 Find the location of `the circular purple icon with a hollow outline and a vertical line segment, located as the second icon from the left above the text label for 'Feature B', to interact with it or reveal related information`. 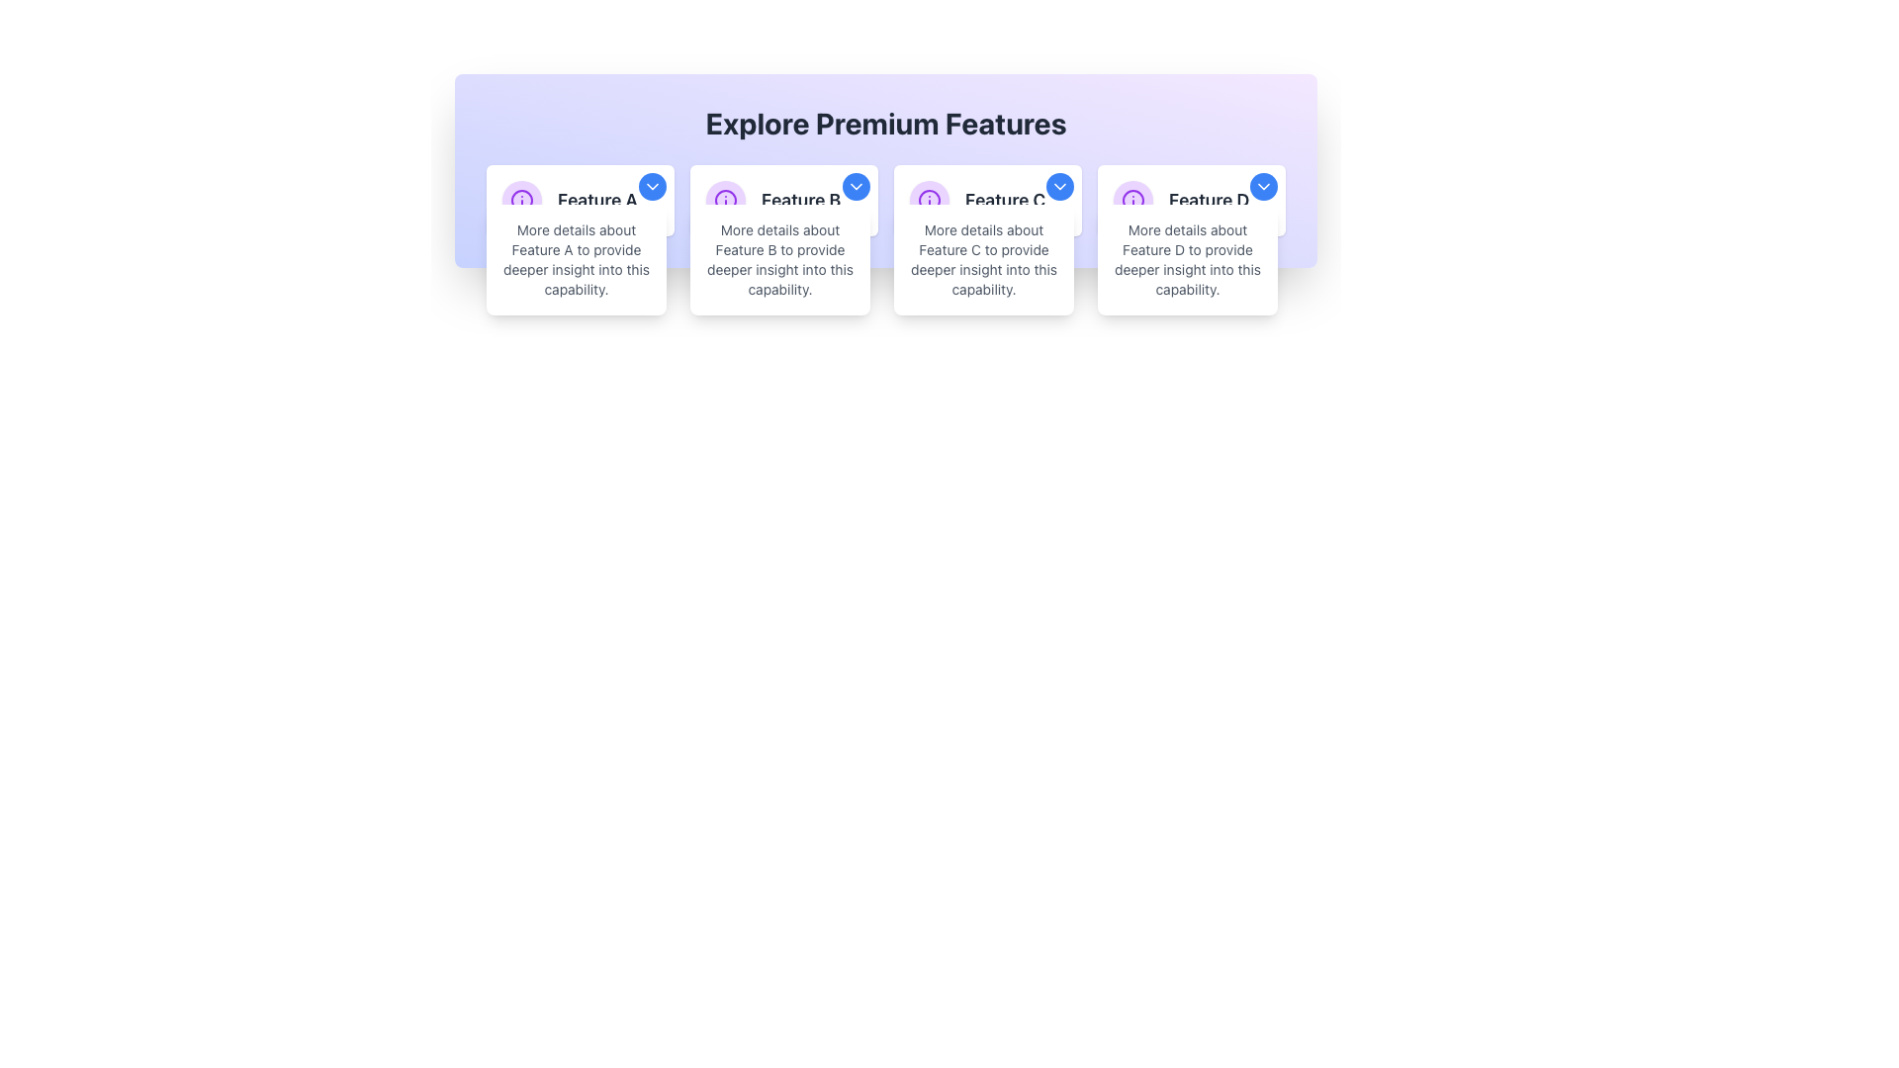

the circular purple icon with a hollow outline and a vertical line segment, located as the second icon from the left above the text label for 'Feature B', to interact with it or reveal related information is located at coordinates (725, 201).